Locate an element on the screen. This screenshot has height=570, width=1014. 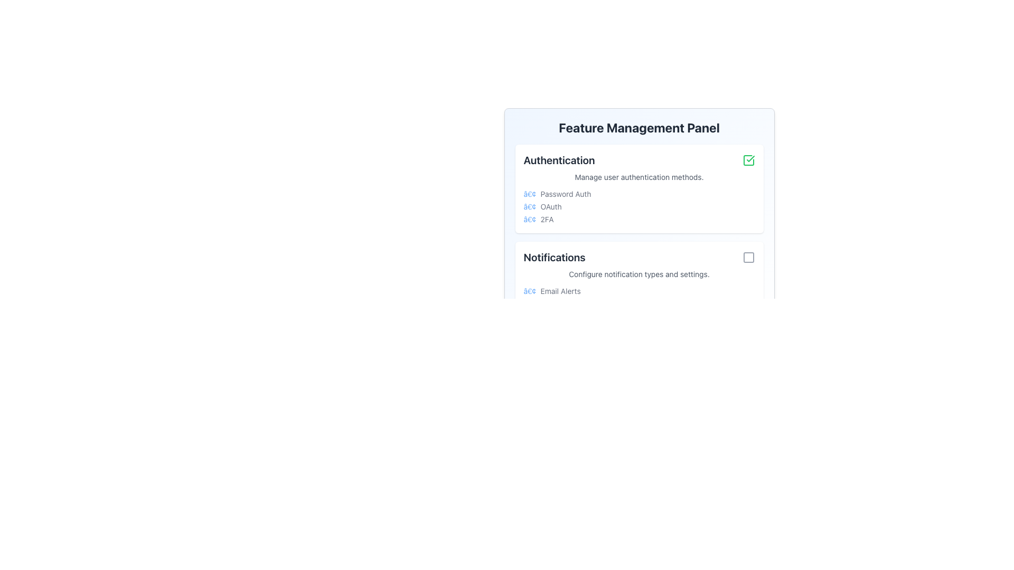
the 'Authentication' text label, which is a prominent bold label located in the top section of the 'Feature Management Panel' is located at coordinates (559, 160).